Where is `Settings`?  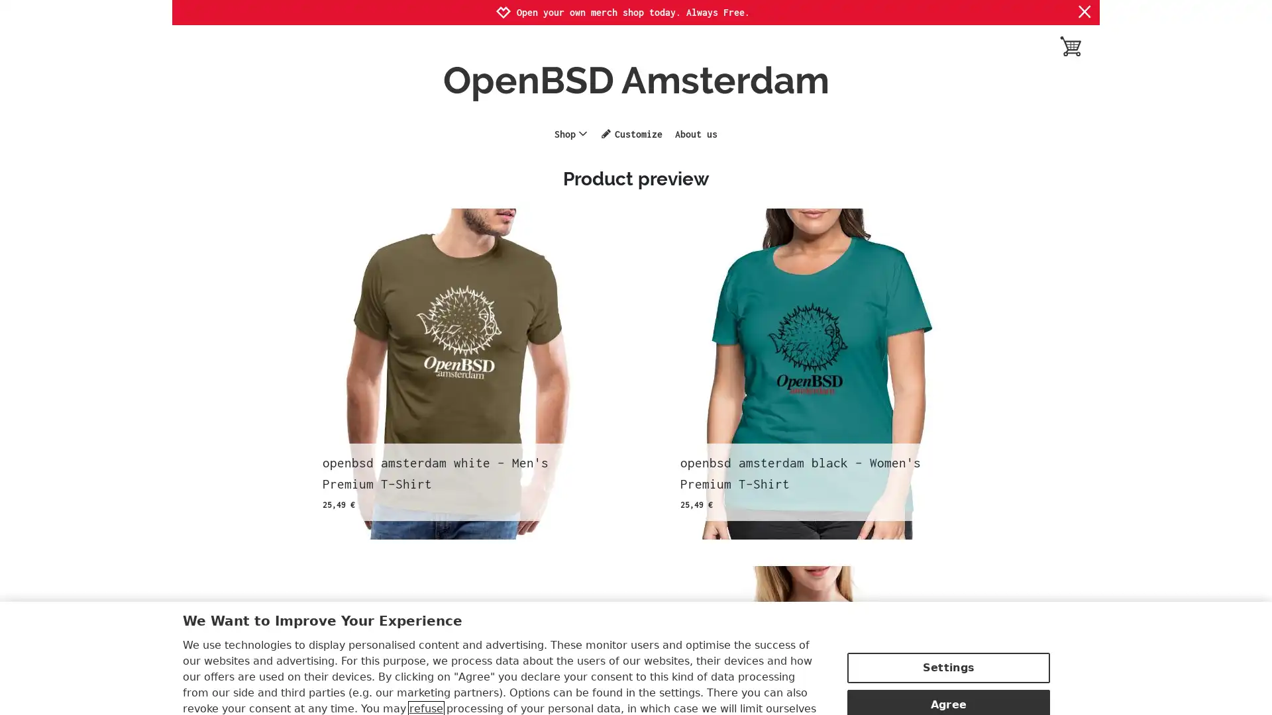 Settings is located at coordinates (947, 602).